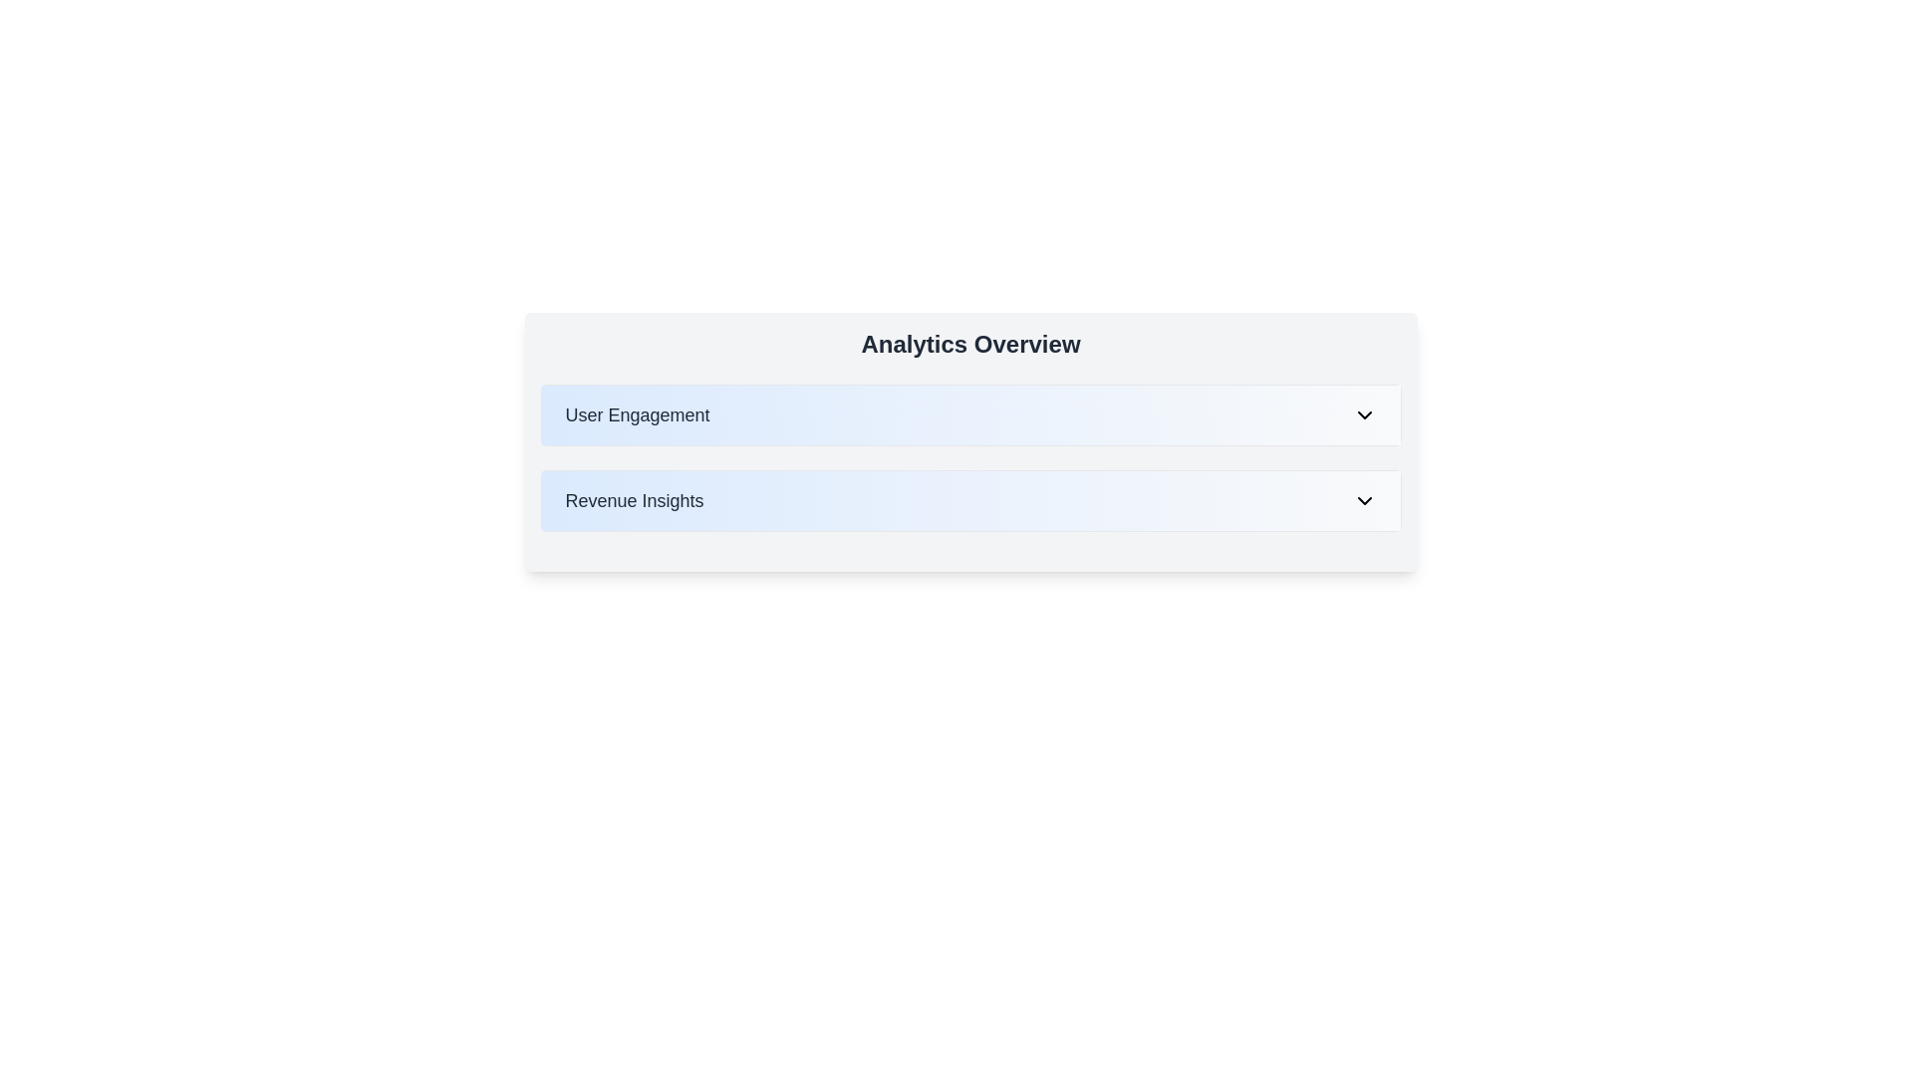 This screenshot has width=1913, height=1076. What do you see at coordinates (970, 499) in the screenshot?
I see `the 'Revenue Insights' dropdown toggle button` at bounding box center [970, 499].